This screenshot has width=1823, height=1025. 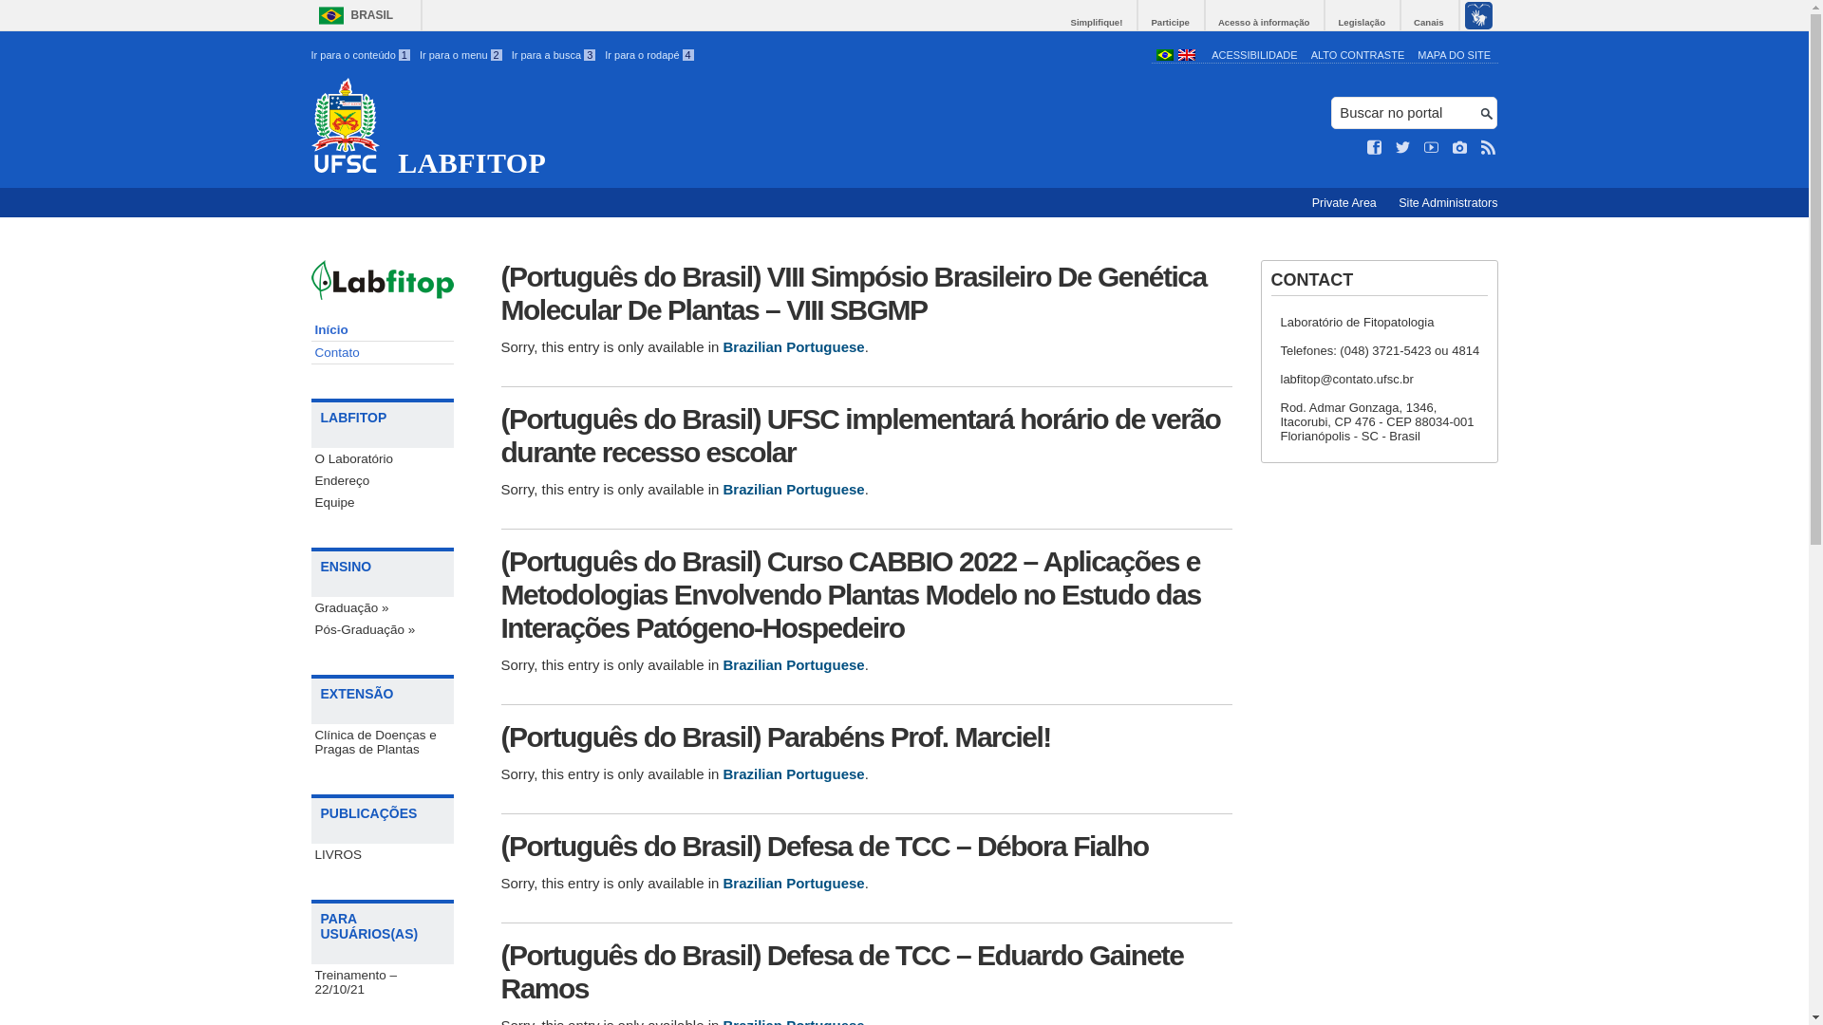 What do you see at coordinates (460, 53) in the screenshot?
I see `'Ir para o menu 2'` at bounding box center [460, 53].